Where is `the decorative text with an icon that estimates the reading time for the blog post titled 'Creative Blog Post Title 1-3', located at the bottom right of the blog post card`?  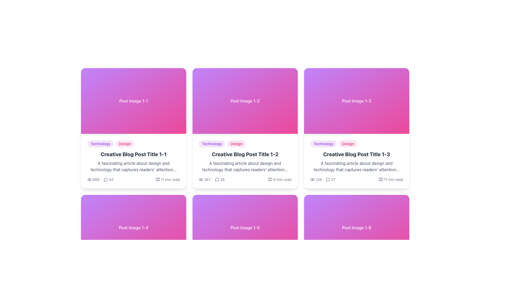 the decorative text with an icon that estimates the reading time for the blog post titled 'Creative Blog Post Title 1-3', located at the bottom right of the blog post card is located at coordinates (391, 179).